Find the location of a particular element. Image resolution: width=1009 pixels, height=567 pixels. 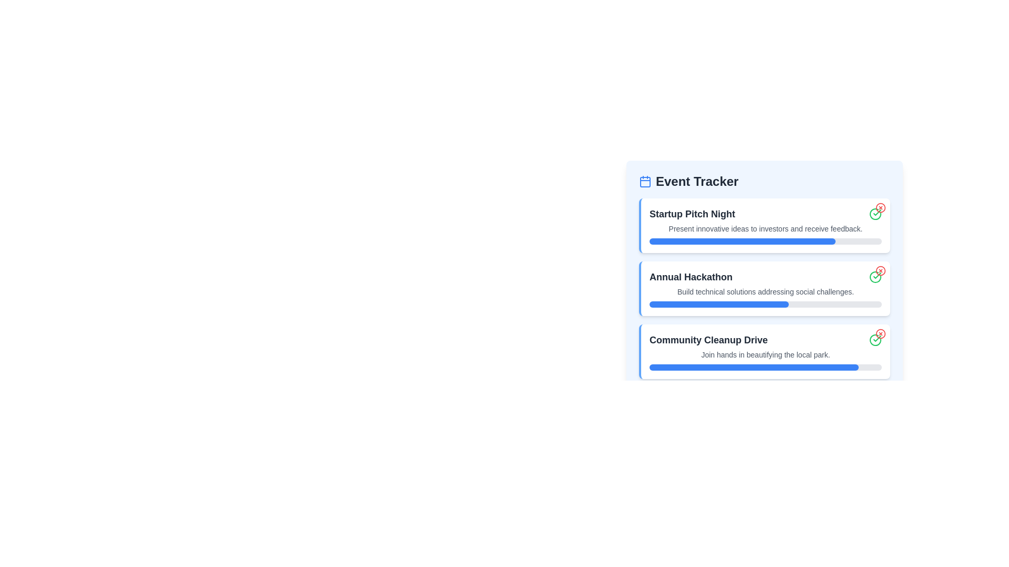

the circular outline icon representing the cancel or close functionality located at the top-right corner of the 'Annual Hackathon' card is located at coordinates (880, 270).